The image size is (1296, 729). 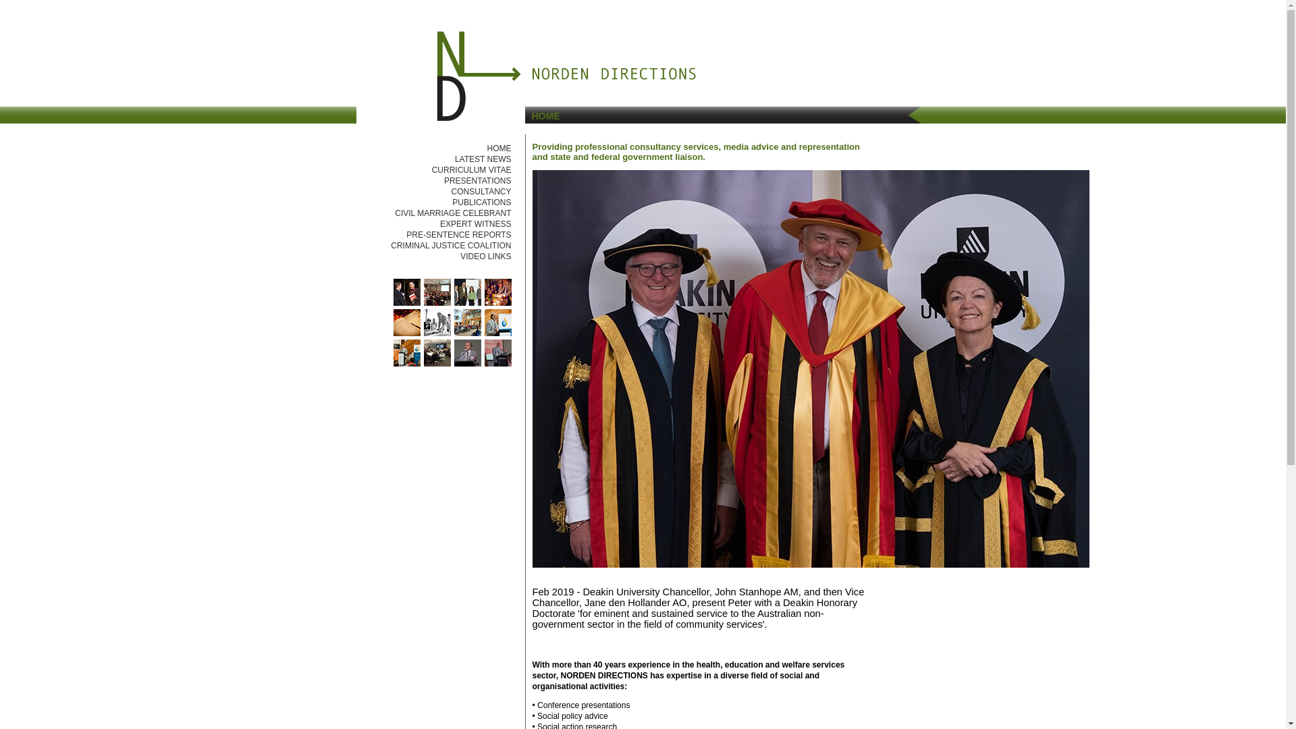 I want to click on 'VIDEO LINKS', so click(x=485, y=256).